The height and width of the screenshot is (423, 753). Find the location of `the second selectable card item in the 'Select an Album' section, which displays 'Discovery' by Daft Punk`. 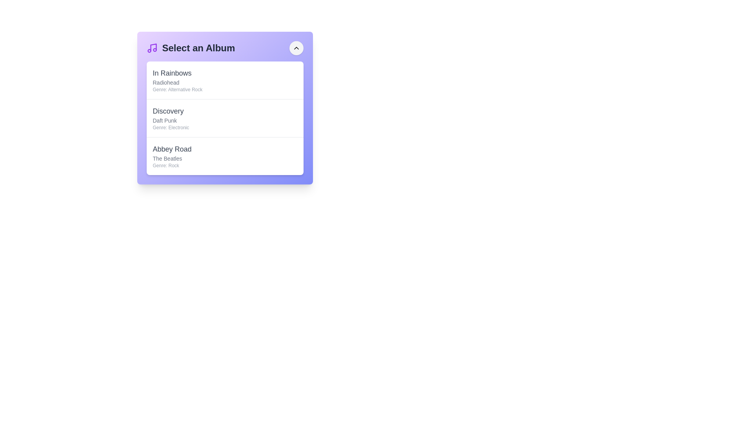

the second selectable card item in the 'Select an Album' section, which displays 'Discovery' by Daft Punk is located at coordinates (224, 118).